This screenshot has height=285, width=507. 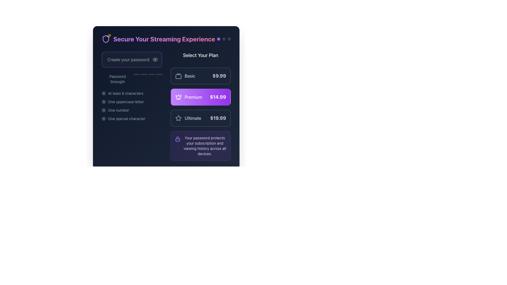 What do you see at coordinates (200, 118) in the screenshot?
I see `the button` at bounding box center [200, 118].